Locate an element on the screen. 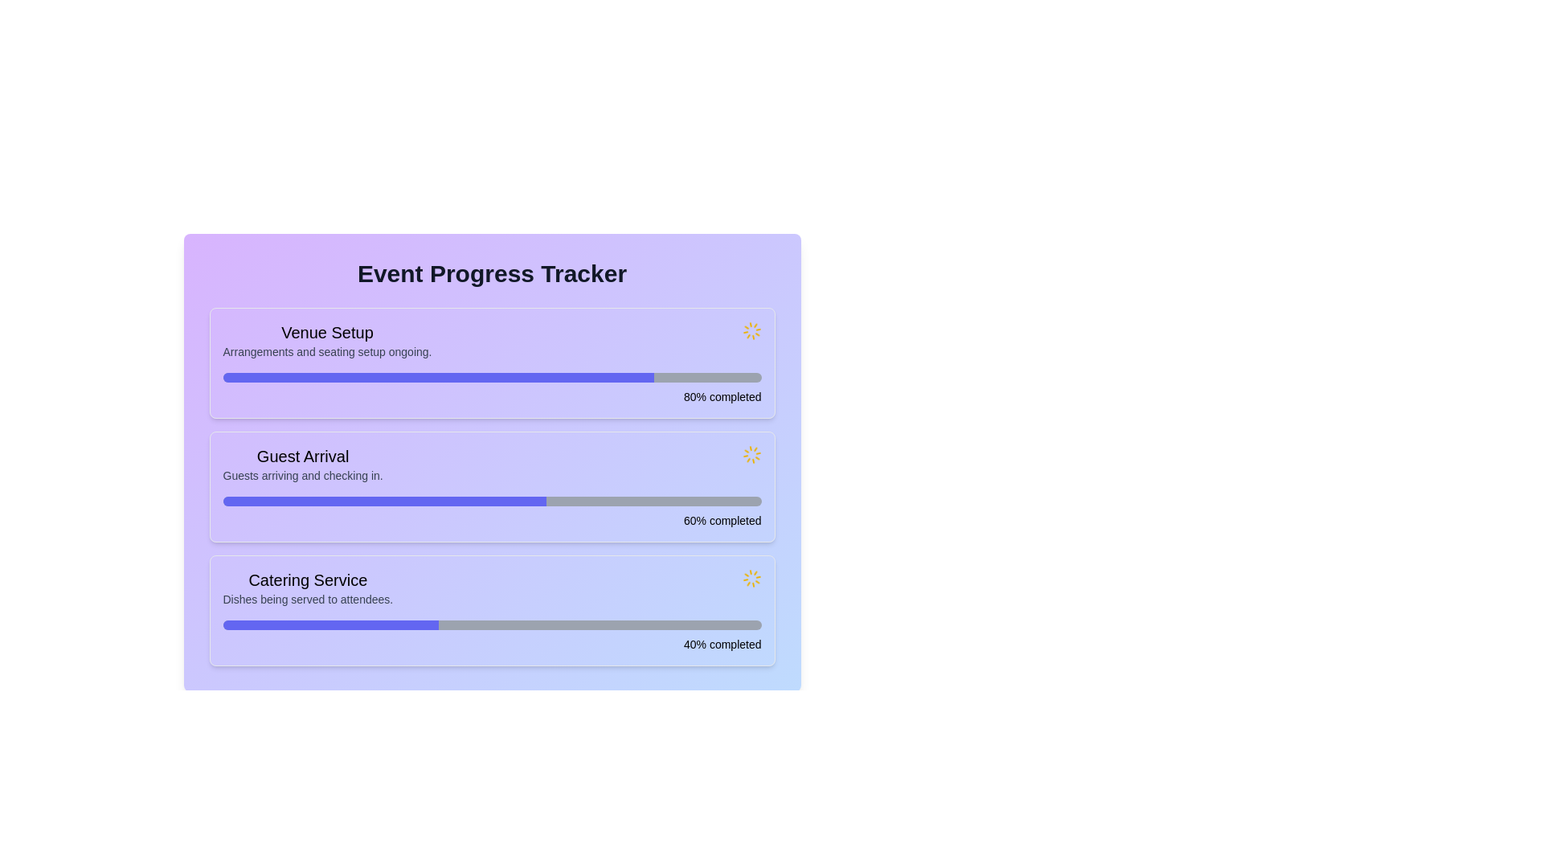  the circular spinning loader icon with radiating yellow lines, located at the far right of the 'Guest Arrival' section title, adjacent to the text '60% completed' is located at coordinates (751, 465).